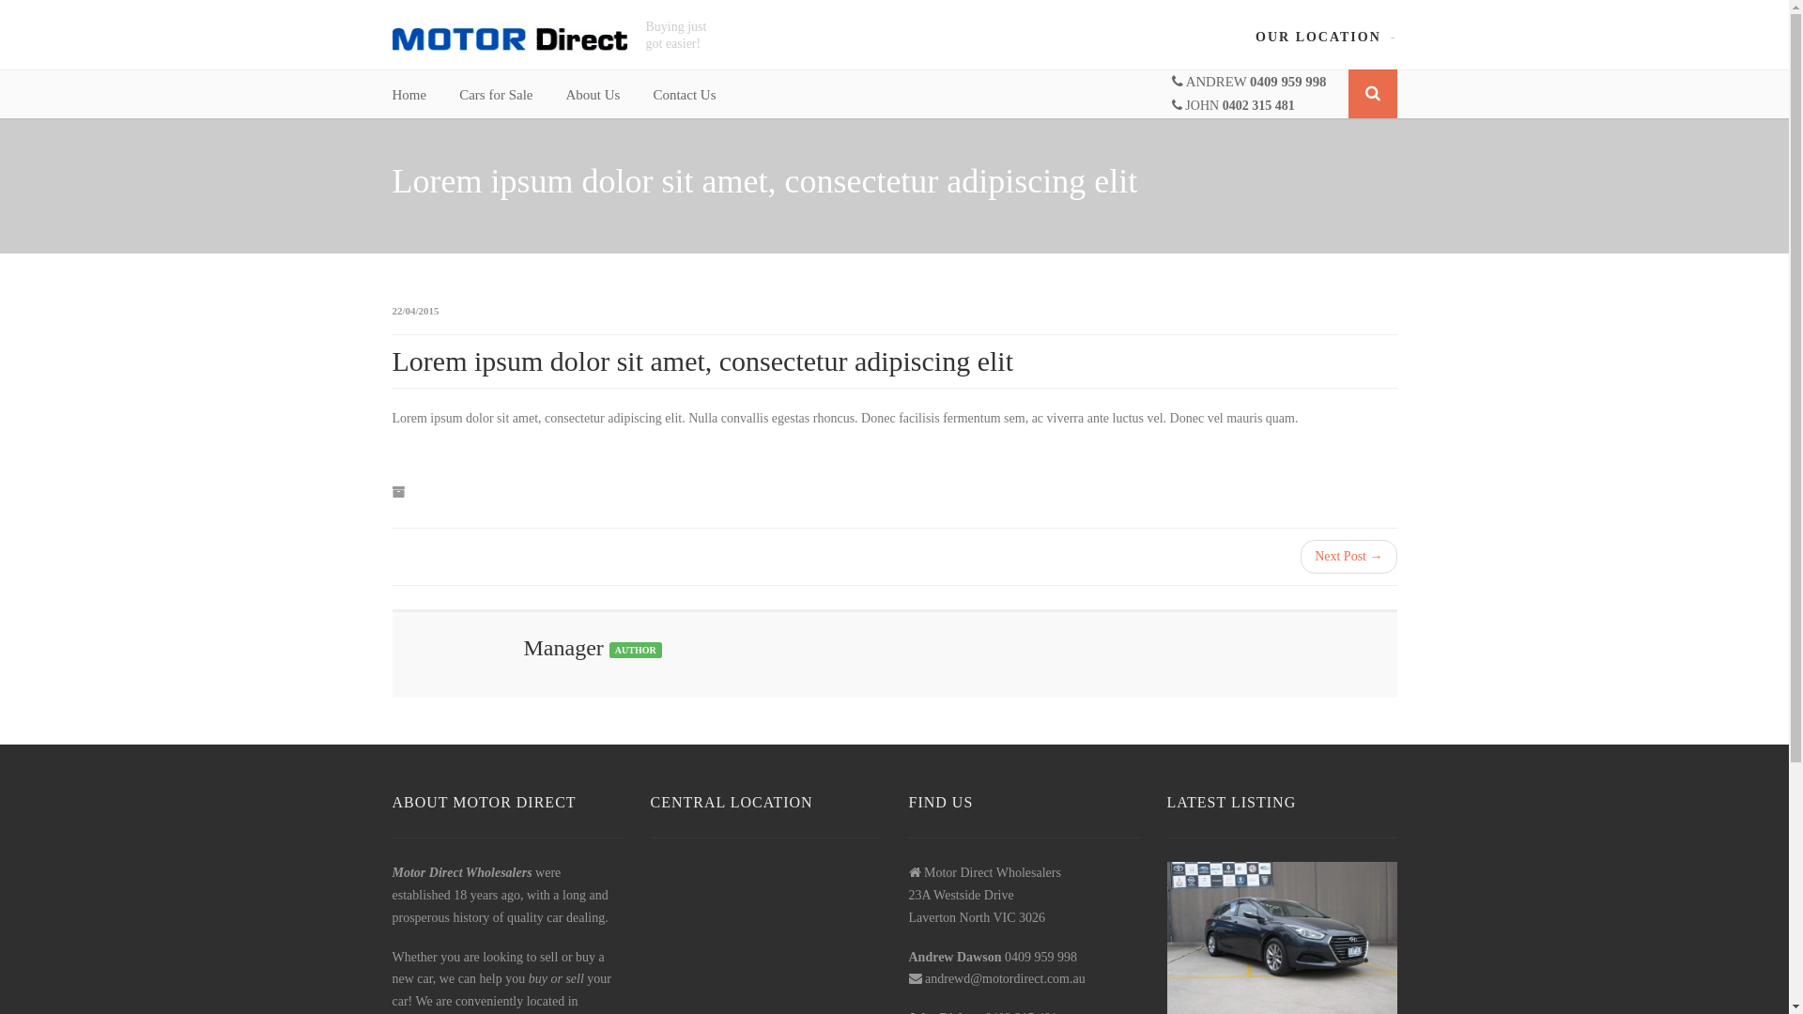 The image size is (1803, 1014). What do you see at coordinates (1249, 81) in the screenshot?
I see `'ANDREW 0409 959 998'` at bounding box center [1249, 81].